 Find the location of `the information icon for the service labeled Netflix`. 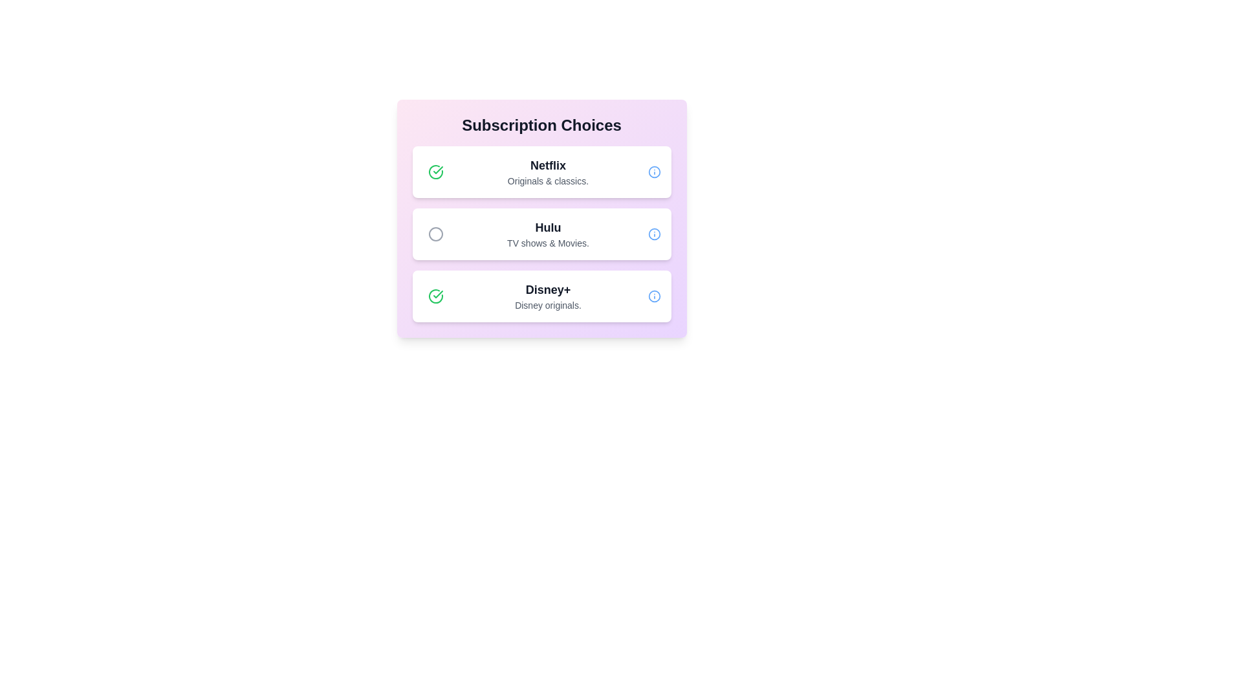

the information icon for the service labeled Netflix is located at coordinates (654, 172).